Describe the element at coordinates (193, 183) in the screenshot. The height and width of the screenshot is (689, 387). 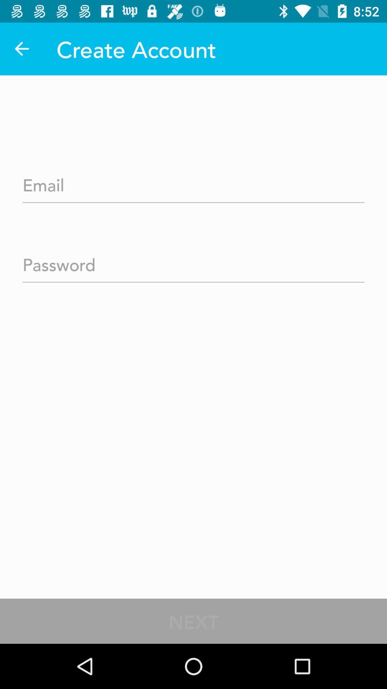
I see `email box` at that location.